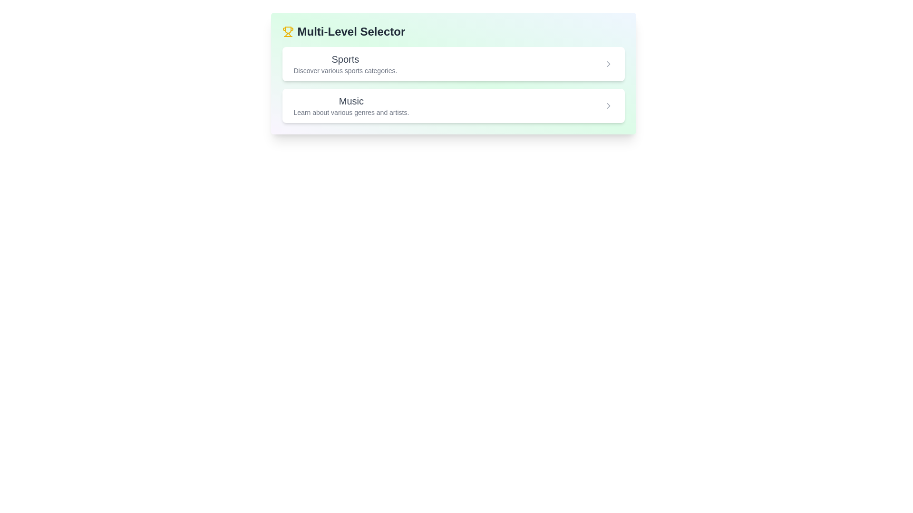 The height and width of the screenshot is (513, 913). Describe the element at coordinates (345, 59) in the screenshot. I see `the bold text label 'Sports' located at the top of the list, above the subtext 'Discover various sports categories.'` at that location.